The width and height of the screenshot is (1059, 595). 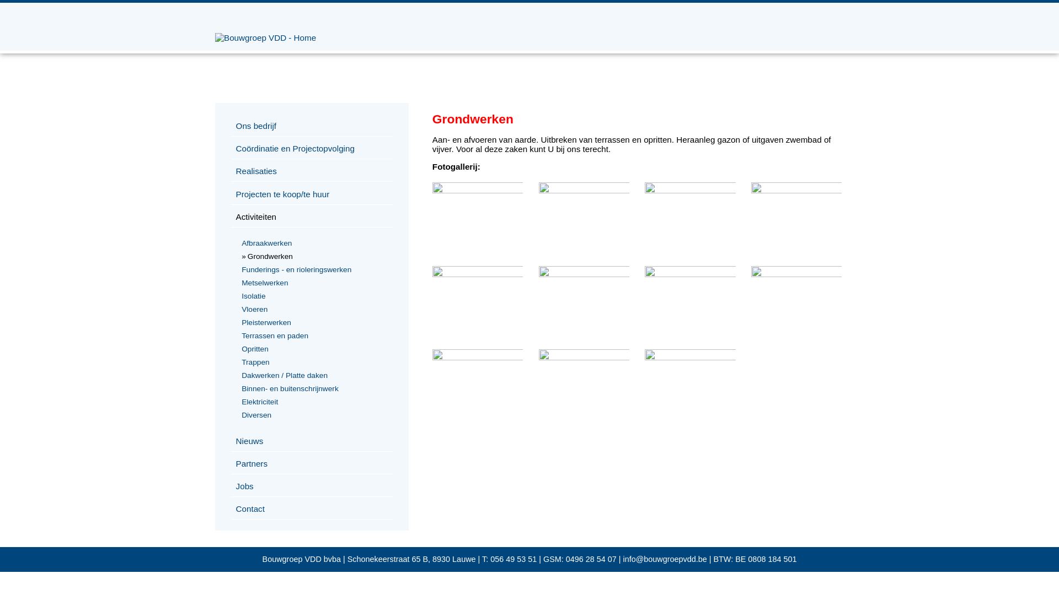 What do you see at coordinates (314, 295) in the screenshot?
I see `'Isolatie'` at bounding box center [314, 295].